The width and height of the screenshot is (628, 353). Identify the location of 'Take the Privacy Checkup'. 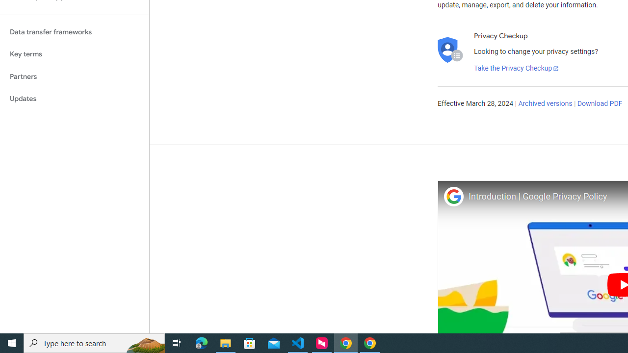
(516, 68).